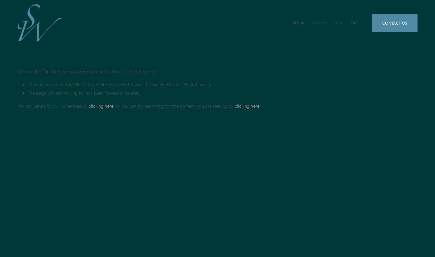 Image resolution: width=435 pixels, height=257 pixels. What do you see at coordinates (338, 22) in the screenshot?
I see `'Blog'` at bounding box center [338, 22].